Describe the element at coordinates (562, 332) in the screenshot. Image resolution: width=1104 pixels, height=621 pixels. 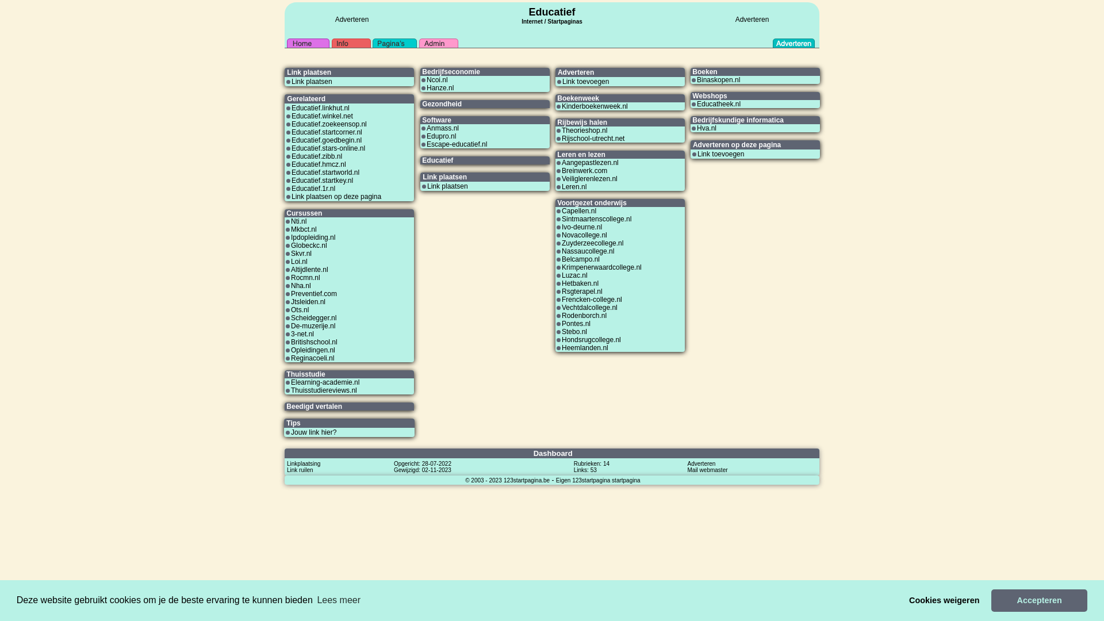
I see `'Stebo.nl'` at that location.